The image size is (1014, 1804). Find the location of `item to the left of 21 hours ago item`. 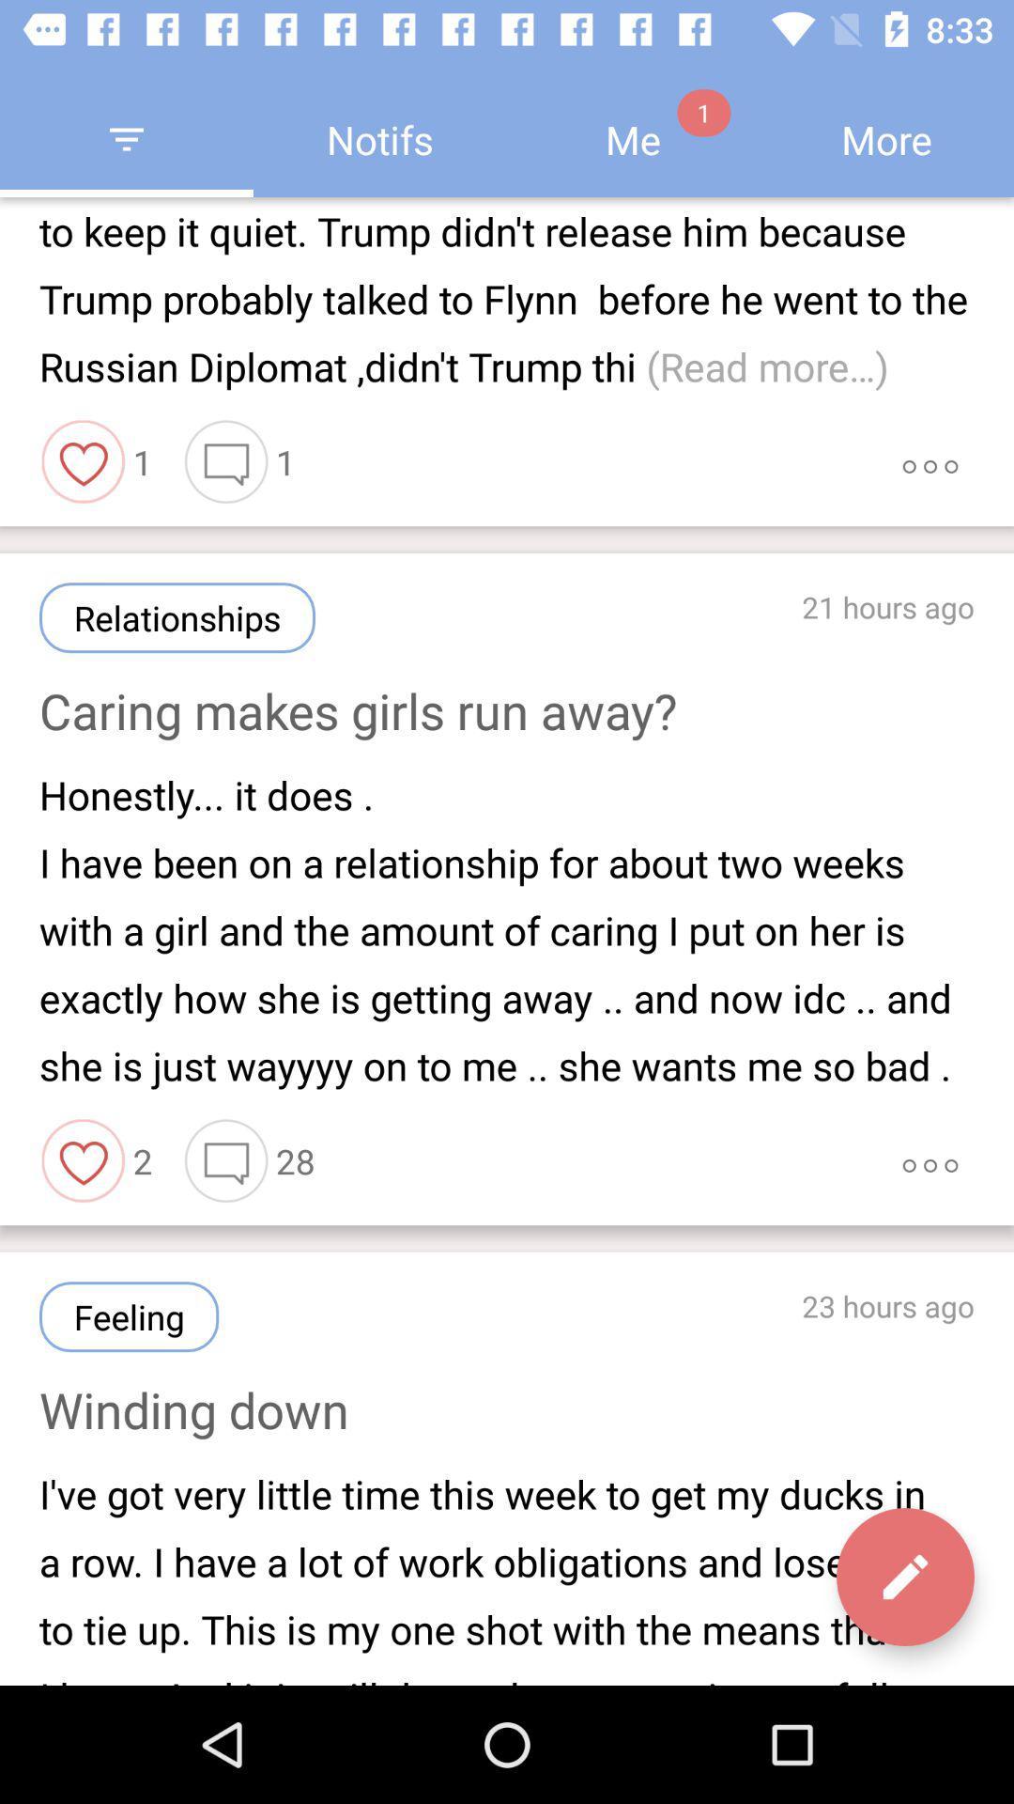

item to the left of 21 hours ago item is located at coordinates (177, 617).